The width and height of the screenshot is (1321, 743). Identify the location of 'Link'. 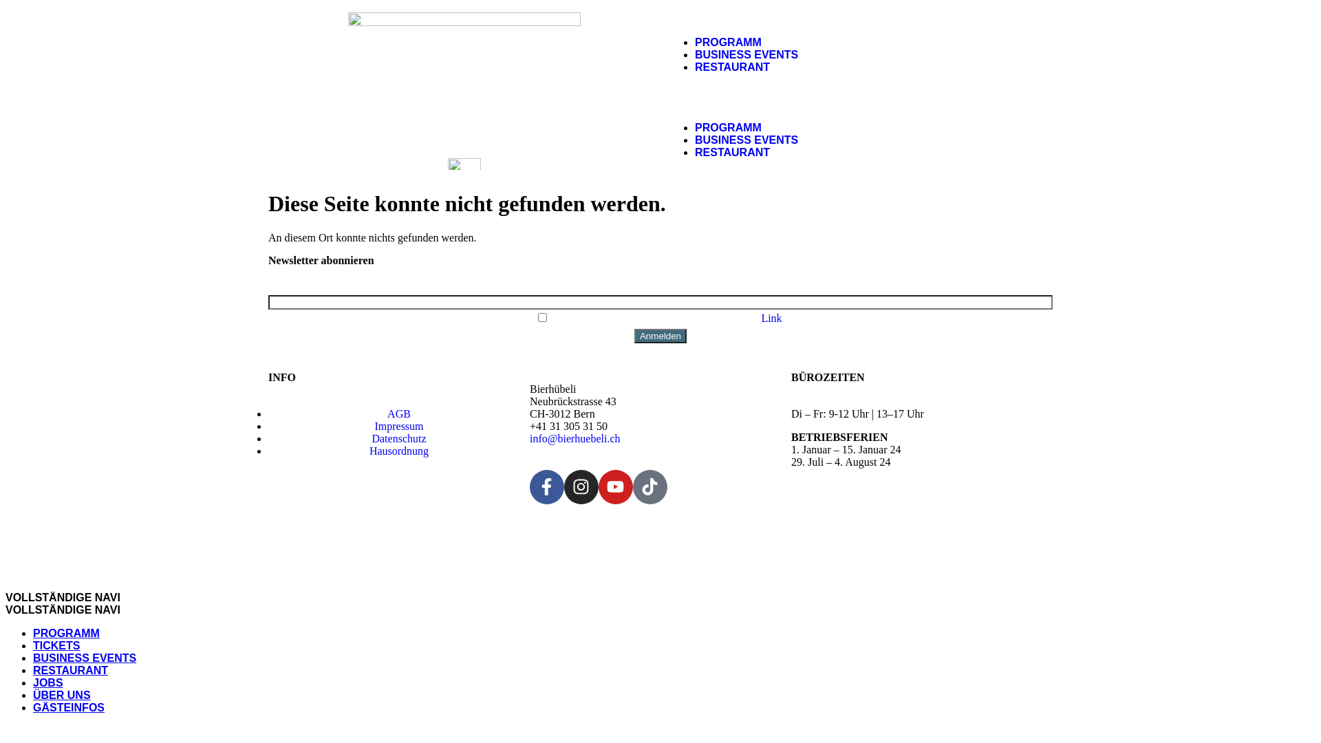
(771, 318).